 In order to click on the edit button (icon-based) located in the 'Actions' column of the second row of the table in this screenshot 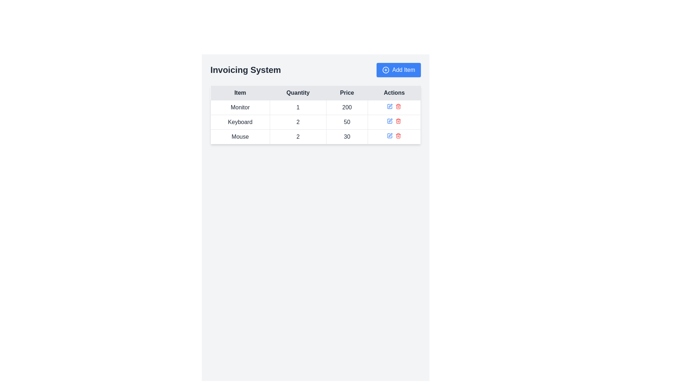, I will do `click(389, 121)`.